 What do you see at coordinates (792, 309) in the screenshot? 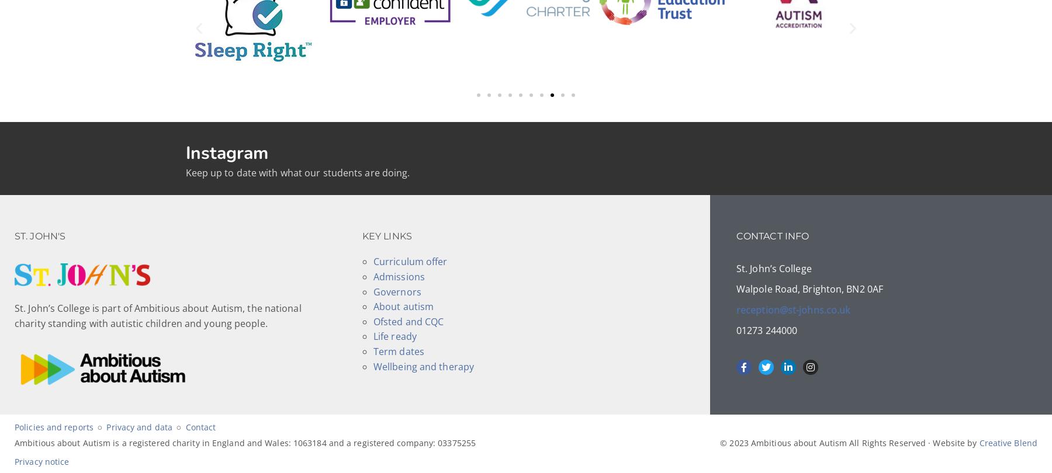
I see `'reception@st-johns.co.uk'` at bounding box center [792, 309].